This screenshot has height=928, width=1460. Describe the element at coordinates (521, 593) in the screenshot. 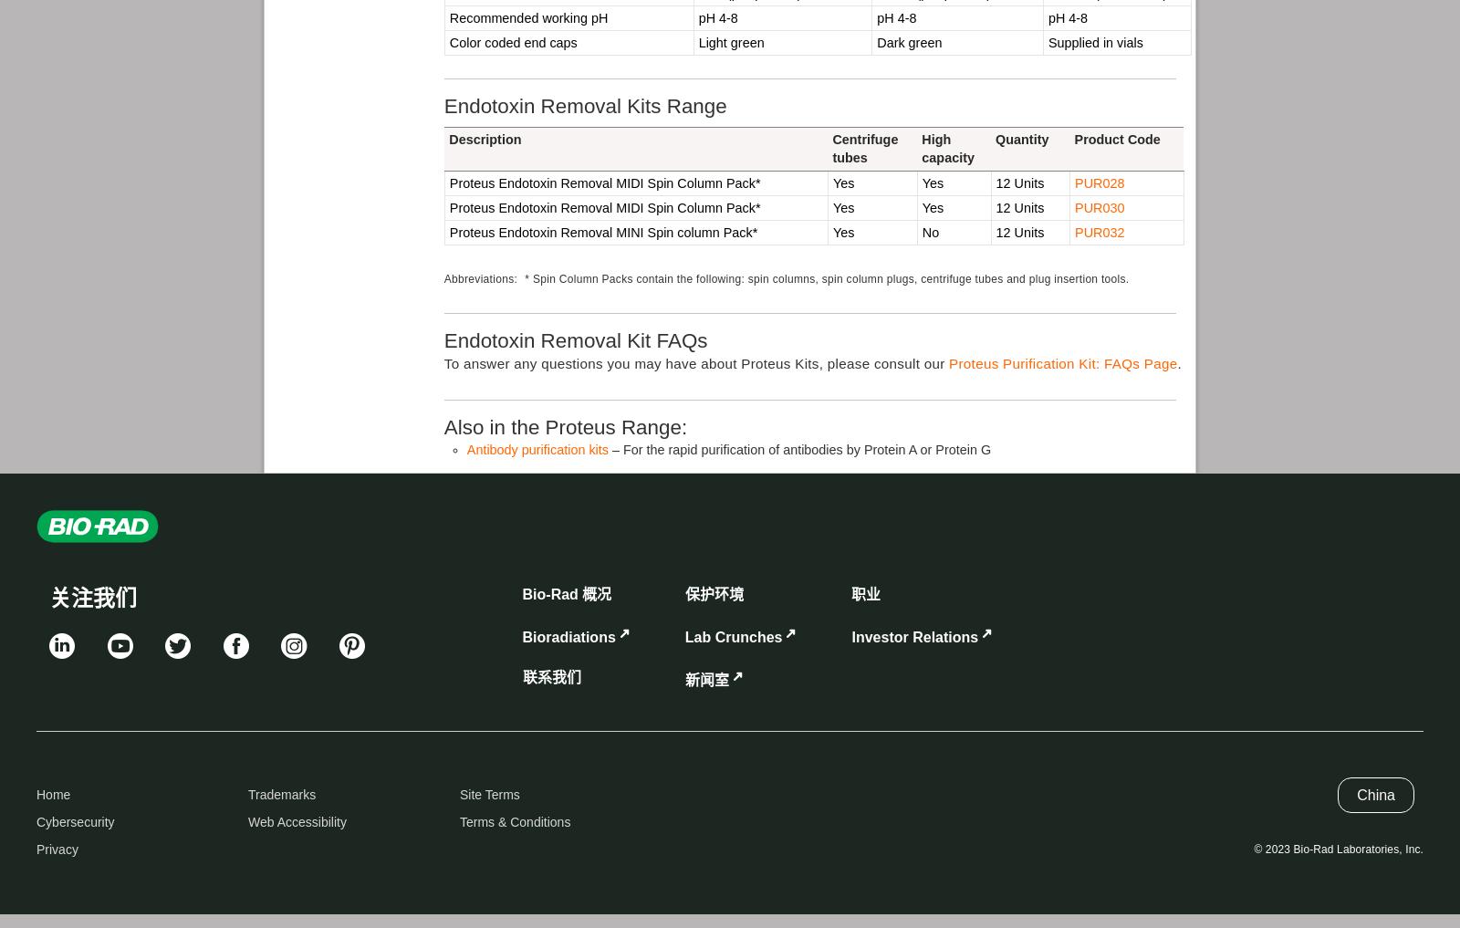

I see `'Bio-Rad 概况'` at that location.